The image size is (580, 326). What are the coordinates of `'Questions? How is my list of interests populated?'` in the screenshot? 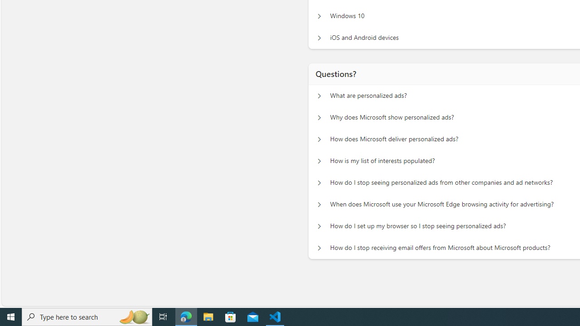 It's located at (318, 161).